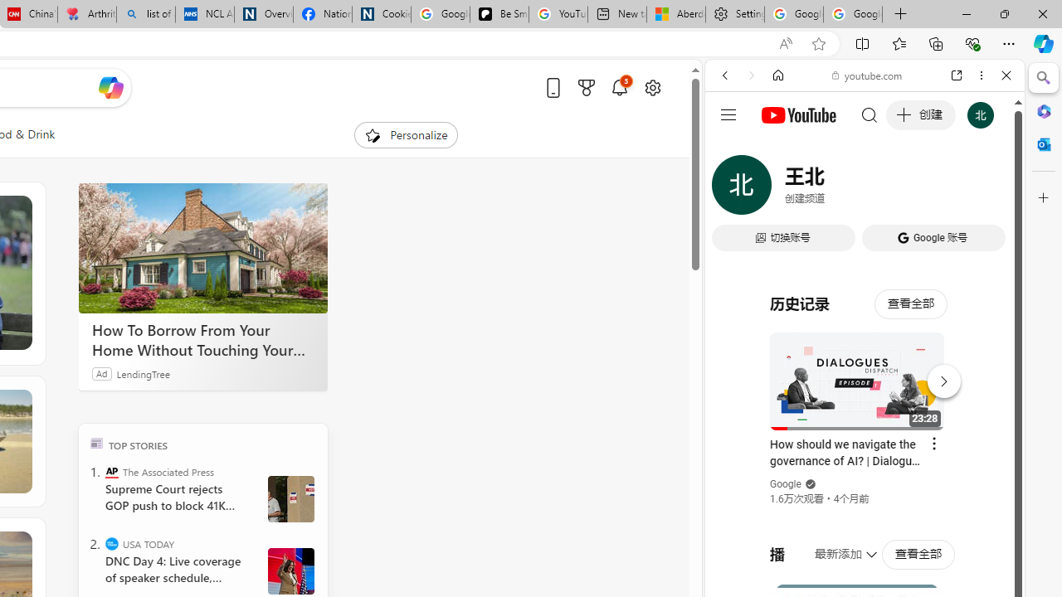  Describe the element at coordinates (731, 149) in the screenshot. I see `'Web scope'` at that location.